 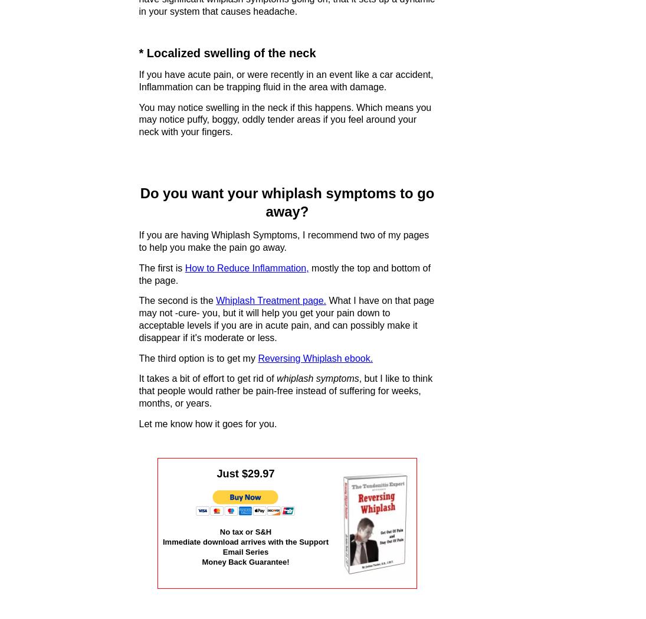 I want to click on 'You may notice swelling in the neck if this happens. Which means
you may notice puffy, boggy, oddly tender areas if you feel around your
neck with your fingers.', so click(x=138, y=119).